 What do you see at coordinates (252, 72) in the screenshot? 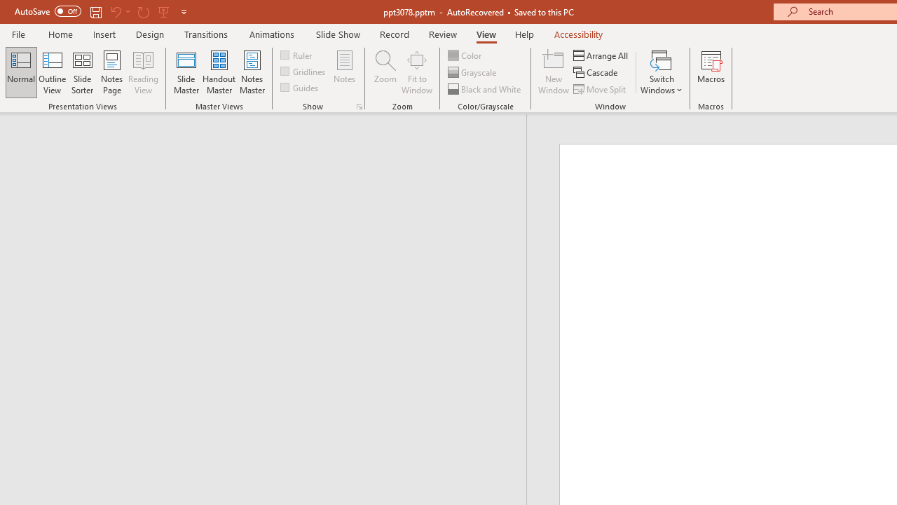
I see `'Notes Master'` at bounding box center [252, 72].